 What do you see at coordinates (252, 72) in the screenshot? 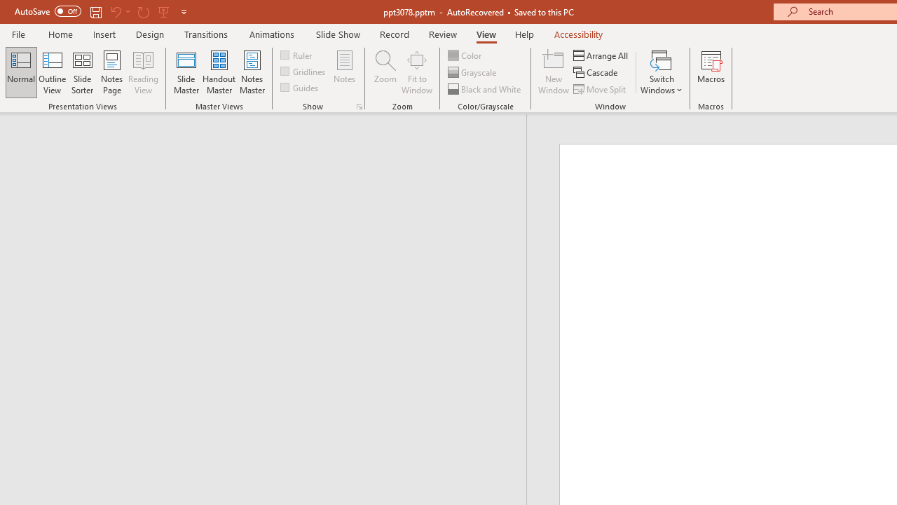
I see `'Notes Master'` at bounding box center [252, 72].